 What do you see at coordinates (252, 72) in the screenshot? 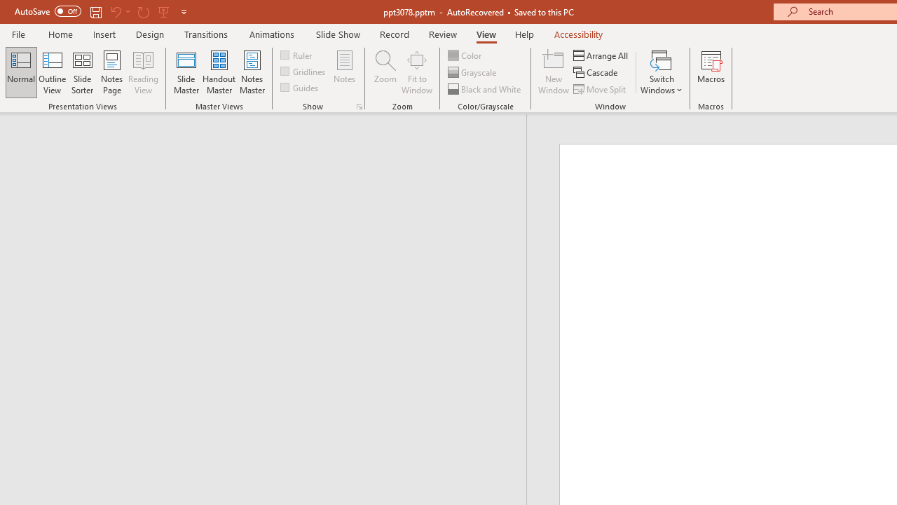
I see `'Notes Master'` at bounding box center [252, 72].